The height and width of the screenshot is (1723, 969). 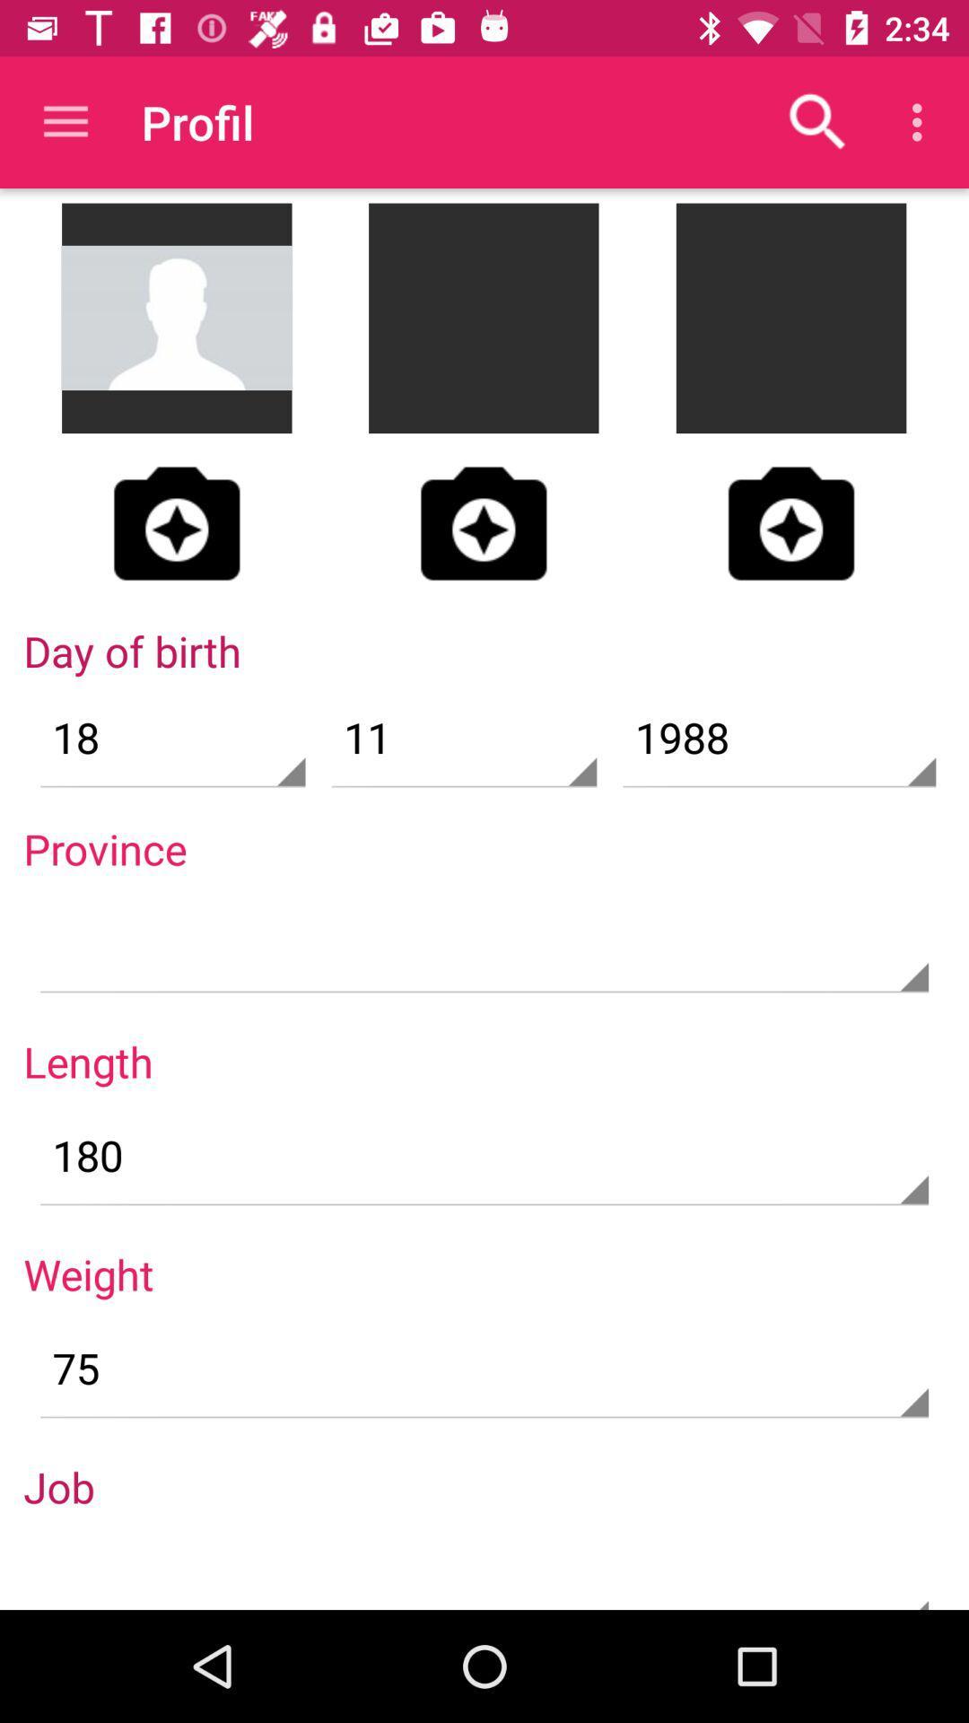 What do you see at coordinates (790, 522) in the screenshot?
I see `the photo icon` at bounding box center [790, 522].